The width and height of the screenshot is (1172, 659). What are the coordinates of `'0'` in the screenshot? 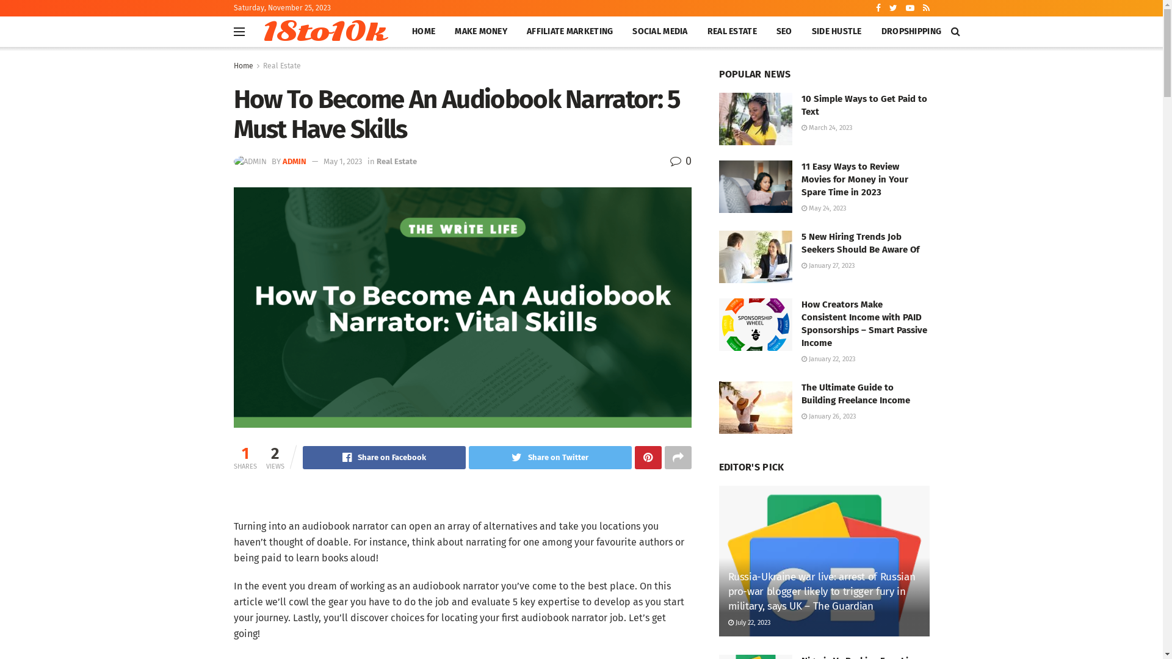 It's located at (680, 160).